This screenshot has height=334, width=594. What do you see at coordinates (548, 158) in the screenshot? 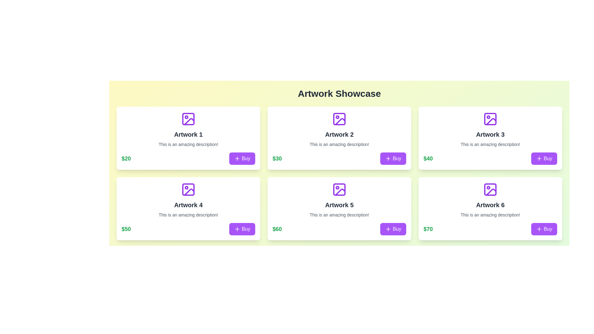
I see `the text label inside the 'Buy' button for the 'Artwork 3' tile located in the bottom-right corner of the tile` at bounding box center [548, 158].